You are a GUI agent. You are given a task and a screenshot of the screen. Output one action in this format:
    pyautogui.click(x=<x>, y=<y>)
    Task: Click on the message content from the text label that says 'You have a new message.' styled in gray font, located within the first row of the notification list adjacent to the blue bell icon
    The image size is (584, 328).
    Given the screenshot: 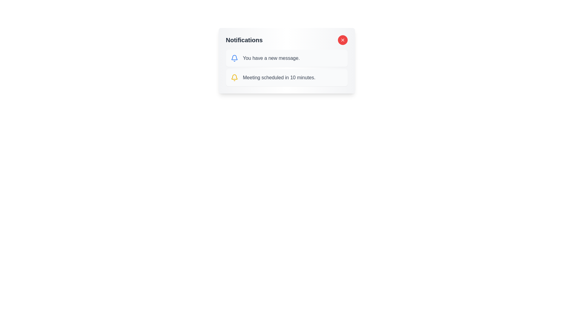 What is the action you would take?
    pyautogui.click(x=271, y=58)
    